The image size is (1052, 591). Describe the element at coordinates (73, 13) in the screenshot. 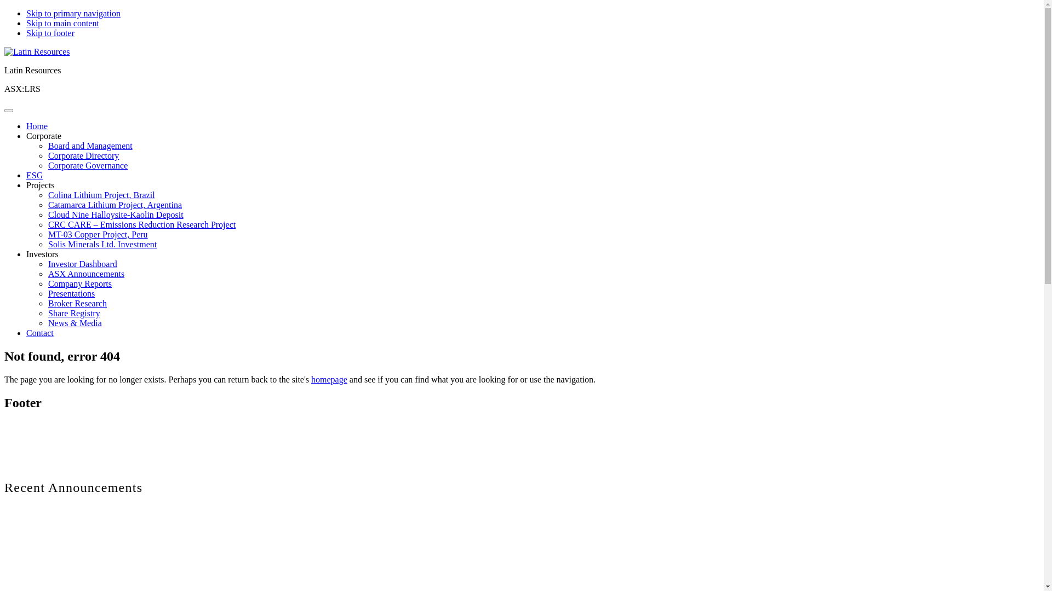

I see `'Skip to primary navigation'` at that location.